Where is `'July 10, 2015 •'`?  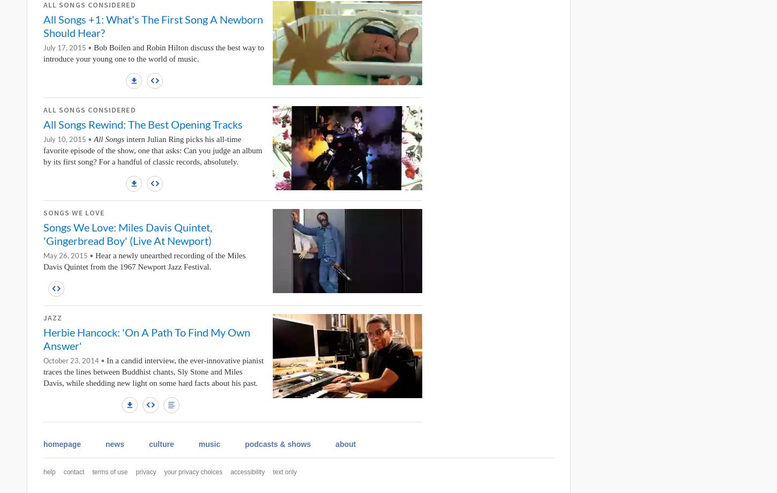 'July 10, 2015 •' is located at coordinates (68, 138).